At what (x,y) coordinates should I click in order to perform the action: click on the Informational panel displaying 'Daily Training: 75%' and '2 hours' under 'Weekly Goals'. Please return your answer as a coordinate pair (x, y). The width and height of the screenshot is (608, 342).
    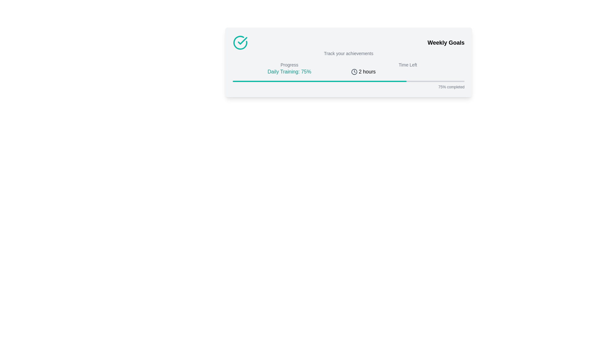
    Looking at the image, I should click on (348, 68).